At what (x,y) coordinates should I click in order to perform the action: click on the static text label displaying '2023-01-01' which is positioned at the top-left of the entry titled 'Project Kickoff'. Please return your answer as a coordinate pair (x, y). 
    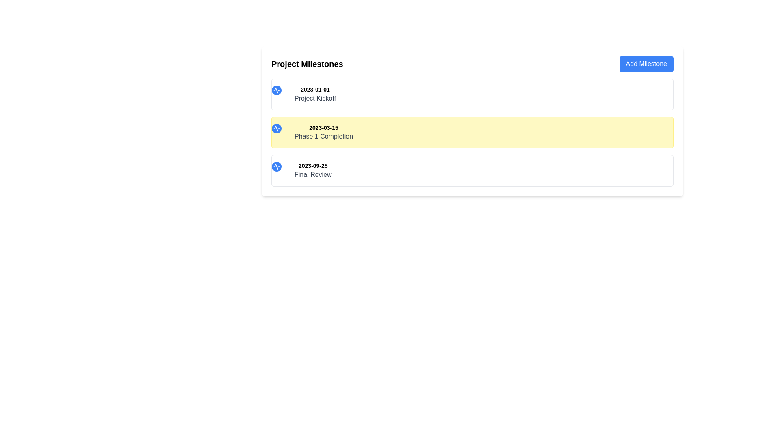
    Looking at the image, I should click on (315, 89).